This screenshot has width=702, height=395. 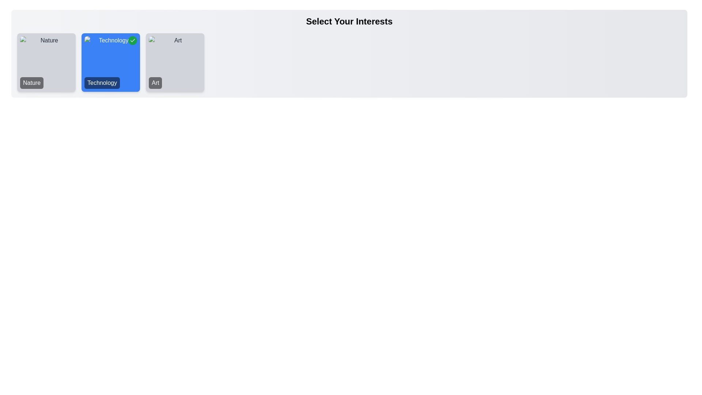 What do you see at coordinates (110, 62) in the screenshot?
I see `the chip labeled Technology` at bounding box center [110, 62].